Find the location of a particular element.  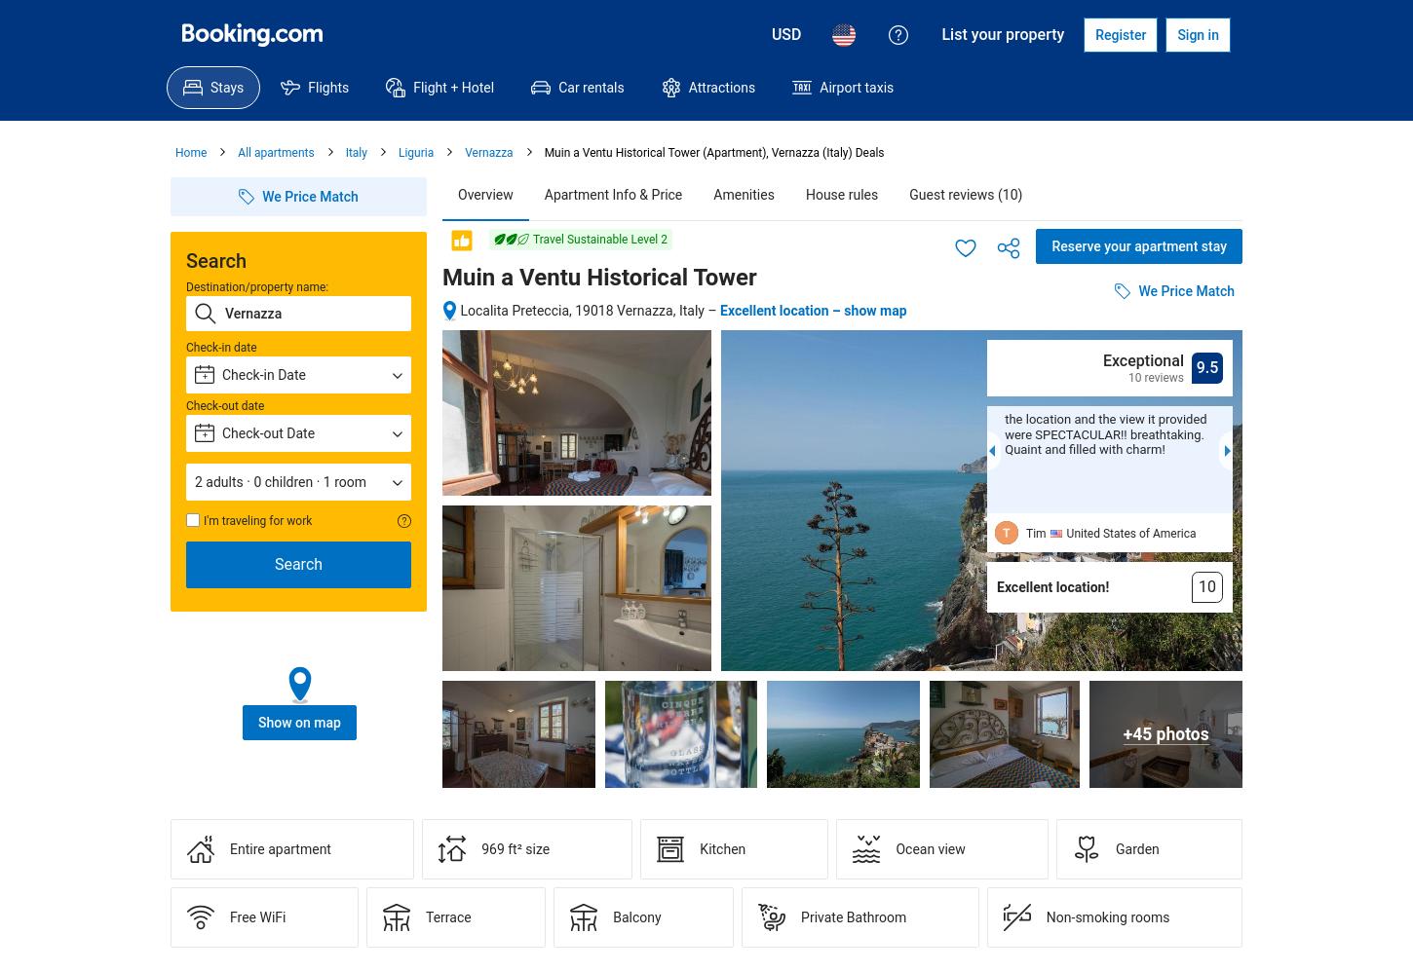

'9.5' is located at coordinates (1195, 366).